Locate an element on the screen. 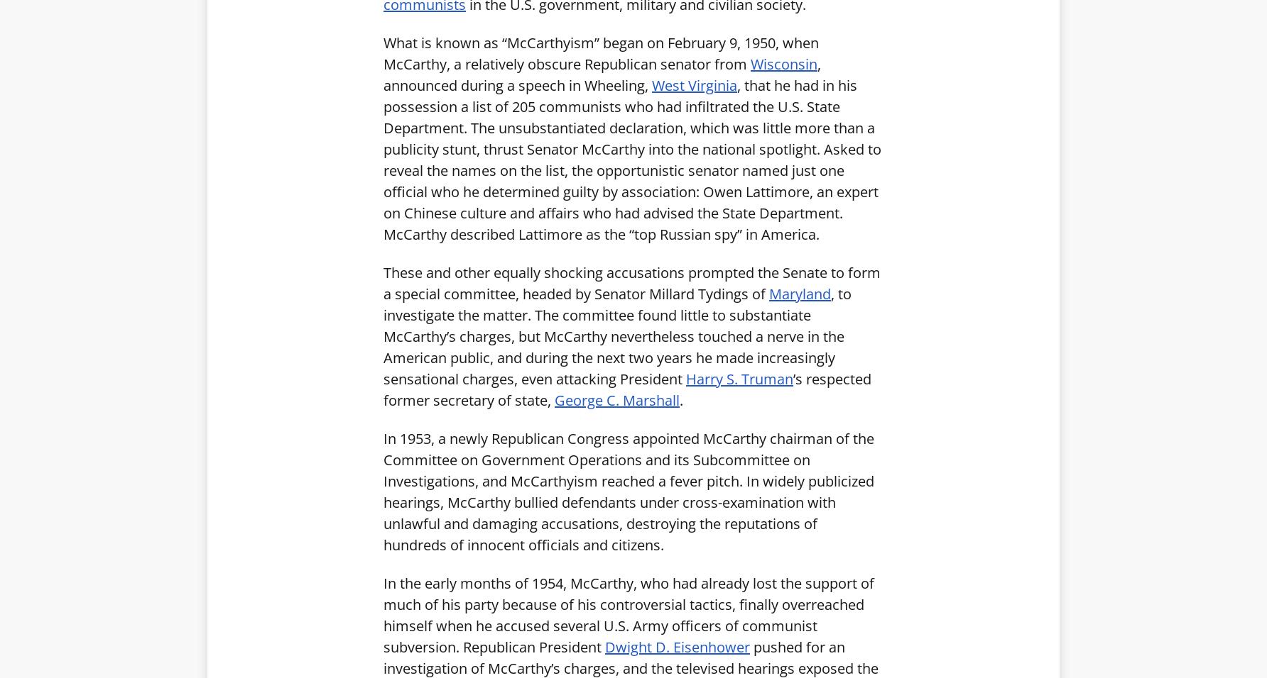  'These and other equally shocking accusations prompted the Senate to form a special committee, headed by Senator Millard Tydings of' is located at coordinates (631, 282).